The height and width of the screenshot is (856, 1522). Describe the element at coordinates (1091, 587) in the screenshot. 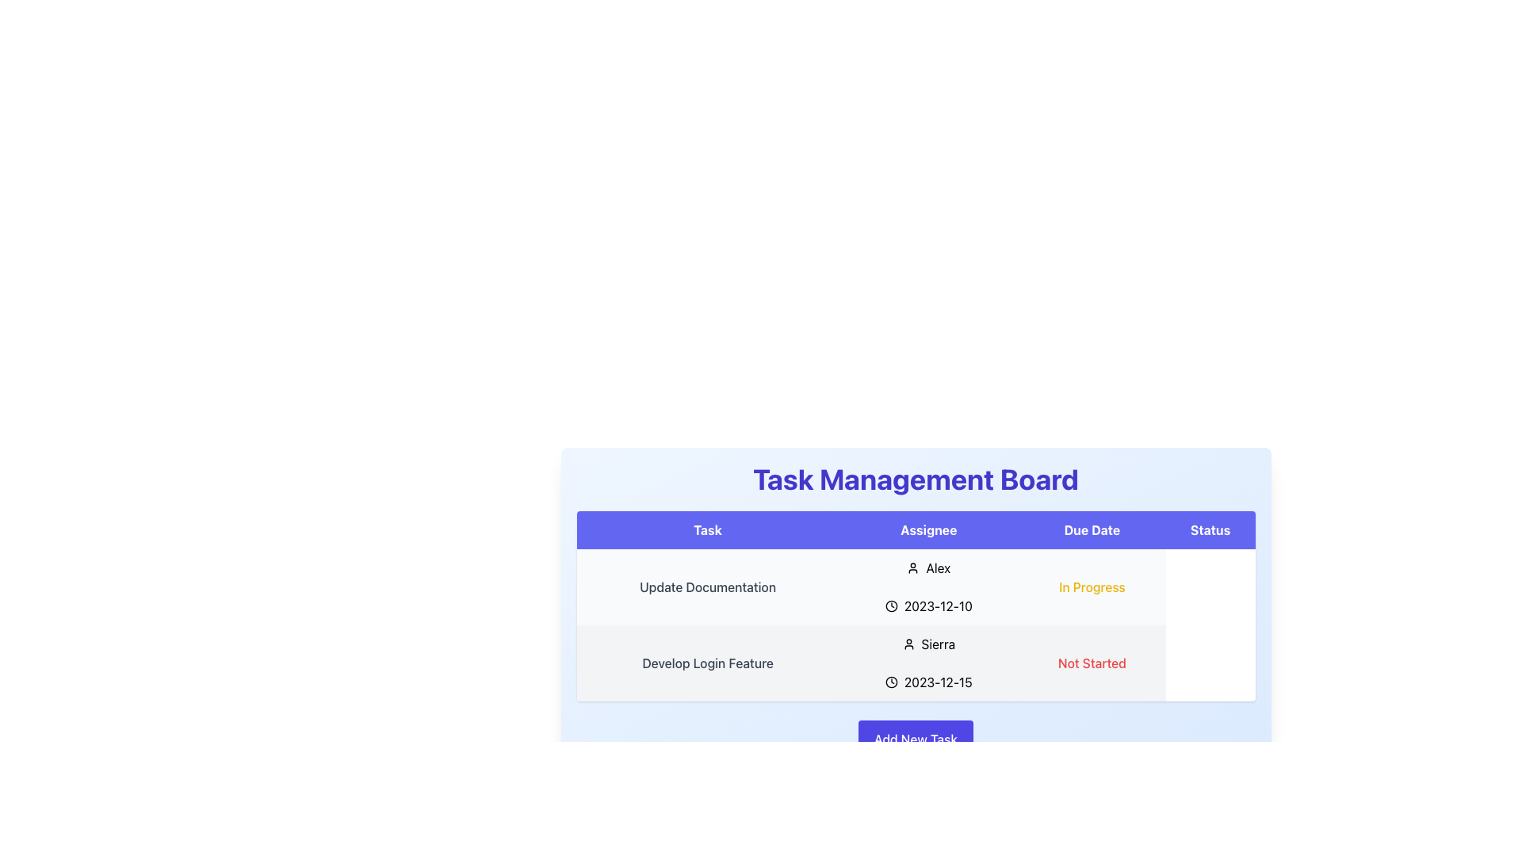

I see `the yellow-colored text label stating 'In Progress' located in the 'Status' column of the task management table for the task 'Update Documentation'` at that location.